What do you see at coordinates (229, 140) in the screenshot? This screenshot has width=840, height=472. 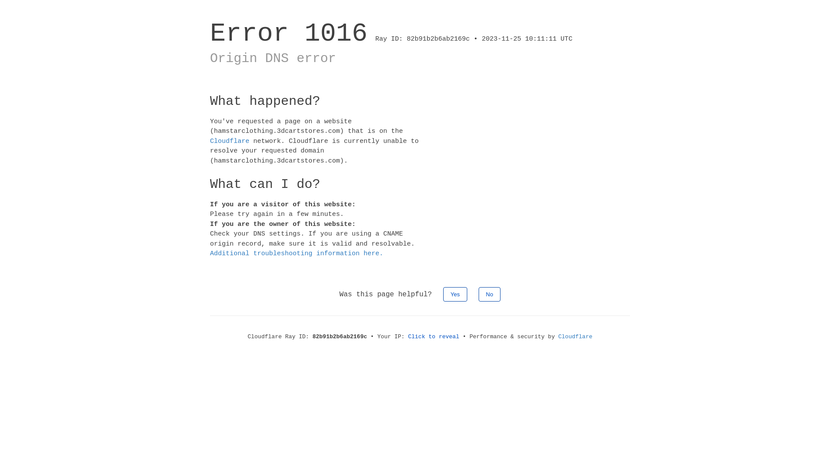 I see `'Cloudflare'` at bounding box center [229, 140].